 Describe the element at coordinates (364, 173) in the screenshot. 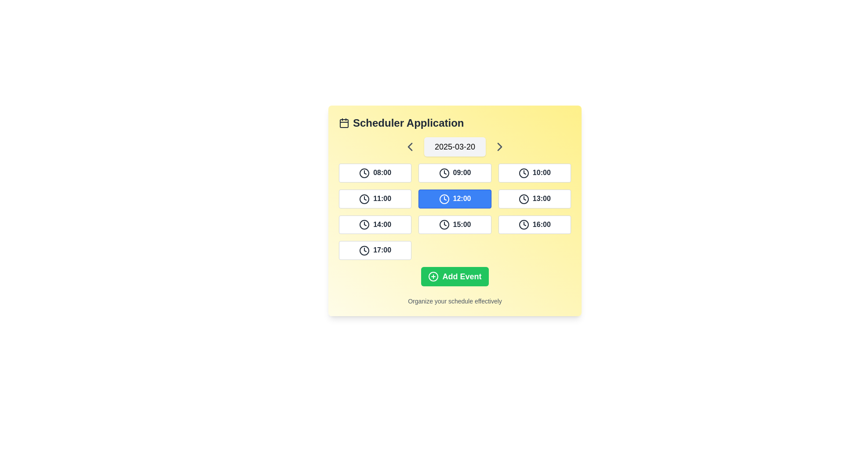

I see `circular graphical element that is part of the clock icon located next to '08:00' in the scheduler application's grid` at that location.